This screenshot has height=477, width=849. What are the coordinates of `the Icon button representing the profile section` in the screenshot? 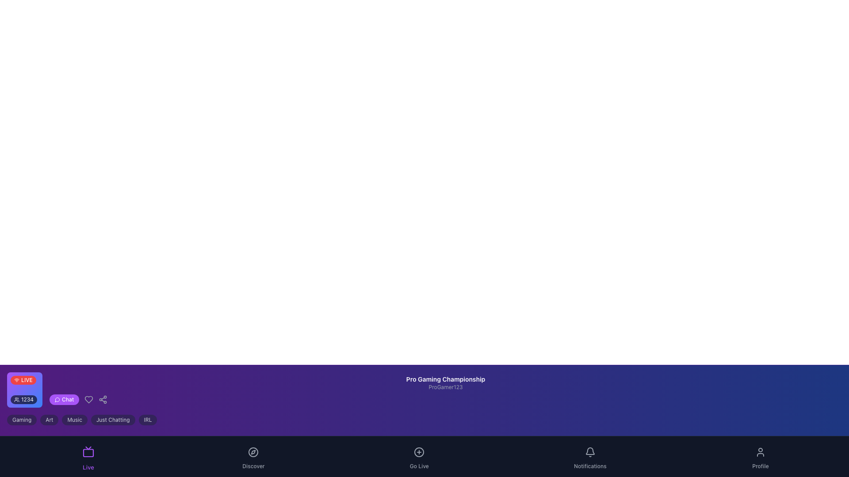 It's located at (760, 452).